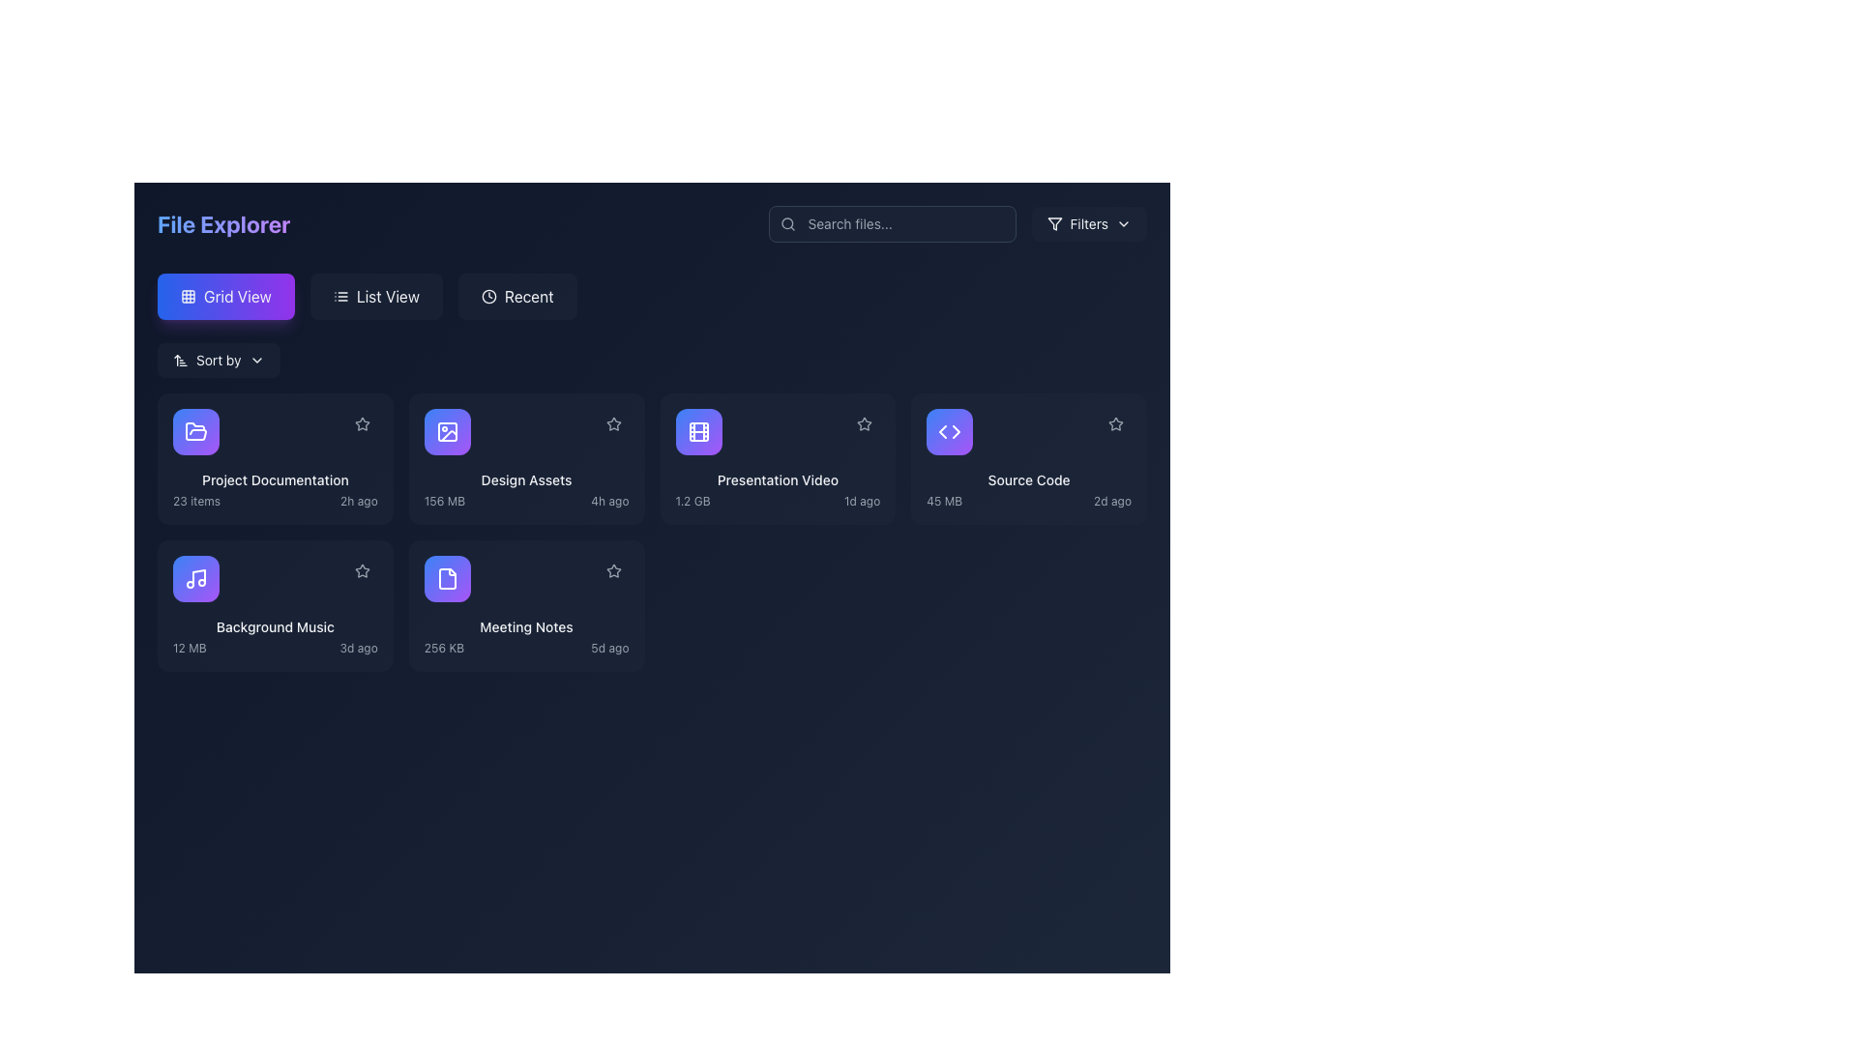 Image resolution: width=1857 pixels, height=1044 pixels. What do you see at coordinates (189, 297) in the screenshot?
I see `the 'Grid View' icon, which is a small icon depicting a grid of nine squares arranged in a 3x3 configuration, located in the upper-left corner of the interface` at bounding box center [189, 297].